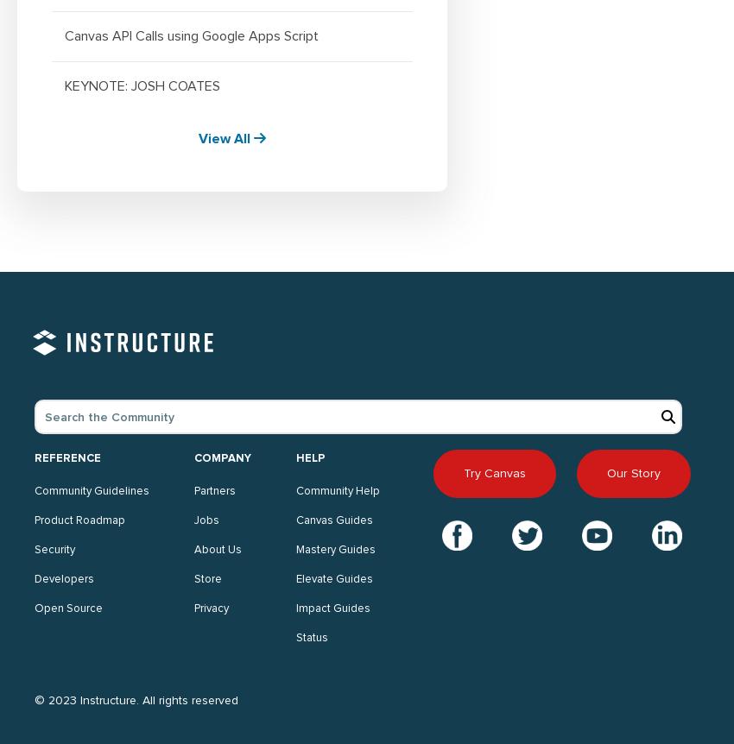 This screenshot has height=744, width=734. What do you see at coordinates (136, 698) in the screenshot?
I see `'© 2023 Instructure. All rights reserved'` at bounding box center [136, 698].